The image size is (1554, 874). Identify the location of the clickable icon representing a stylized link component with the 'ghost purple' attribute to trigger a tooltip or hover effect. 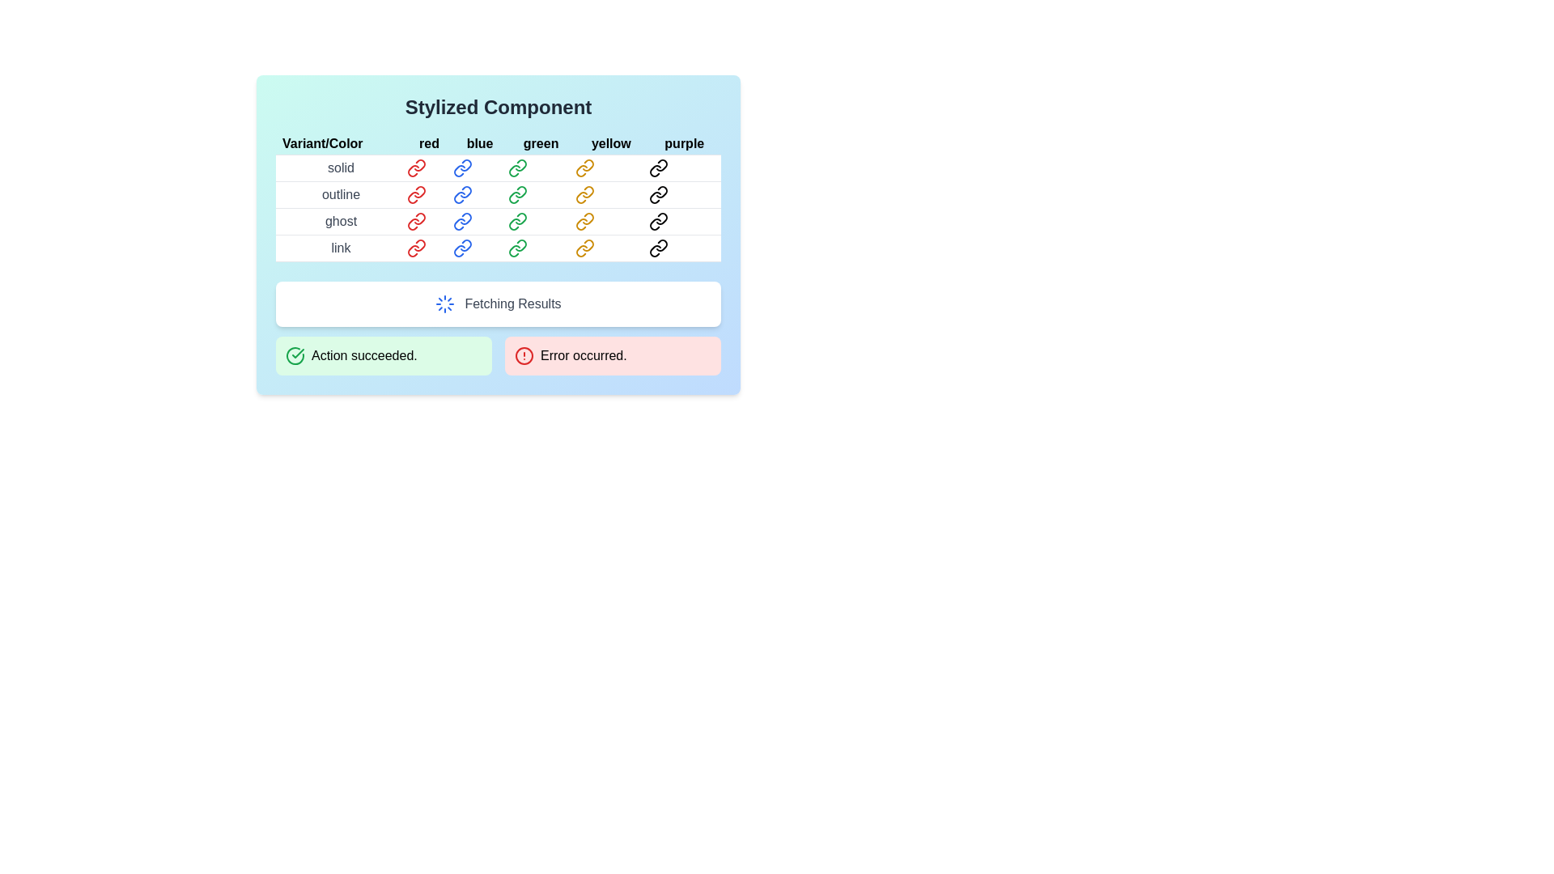
(658, 221).